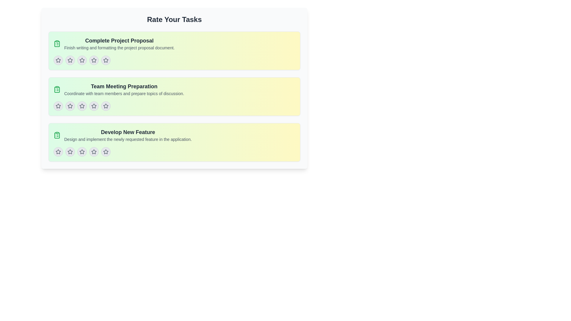  Describe the element at coordinates (106, 106) in the screenshot. I see `the fifth star icon in the 5-star rating group under 'Team Meeting Preparation'` at that location.